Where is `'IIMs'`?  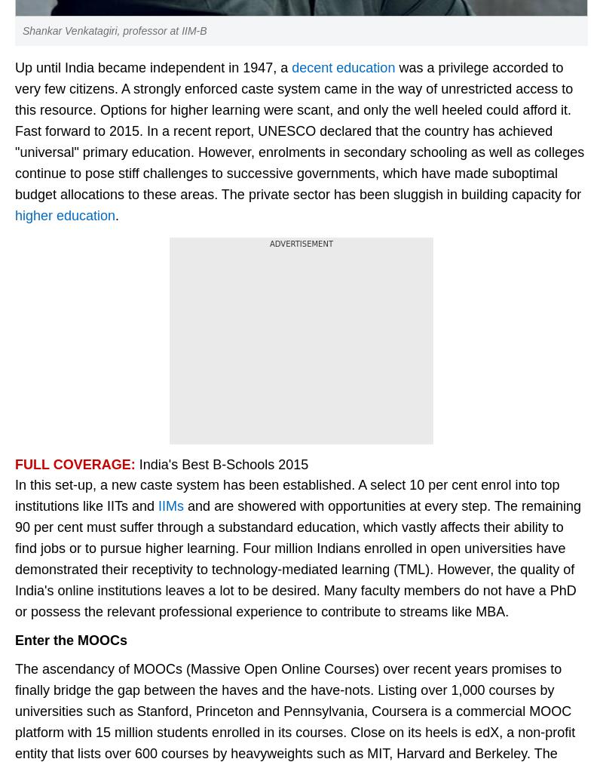
'IIMs' is located at coordinates (171, 505).